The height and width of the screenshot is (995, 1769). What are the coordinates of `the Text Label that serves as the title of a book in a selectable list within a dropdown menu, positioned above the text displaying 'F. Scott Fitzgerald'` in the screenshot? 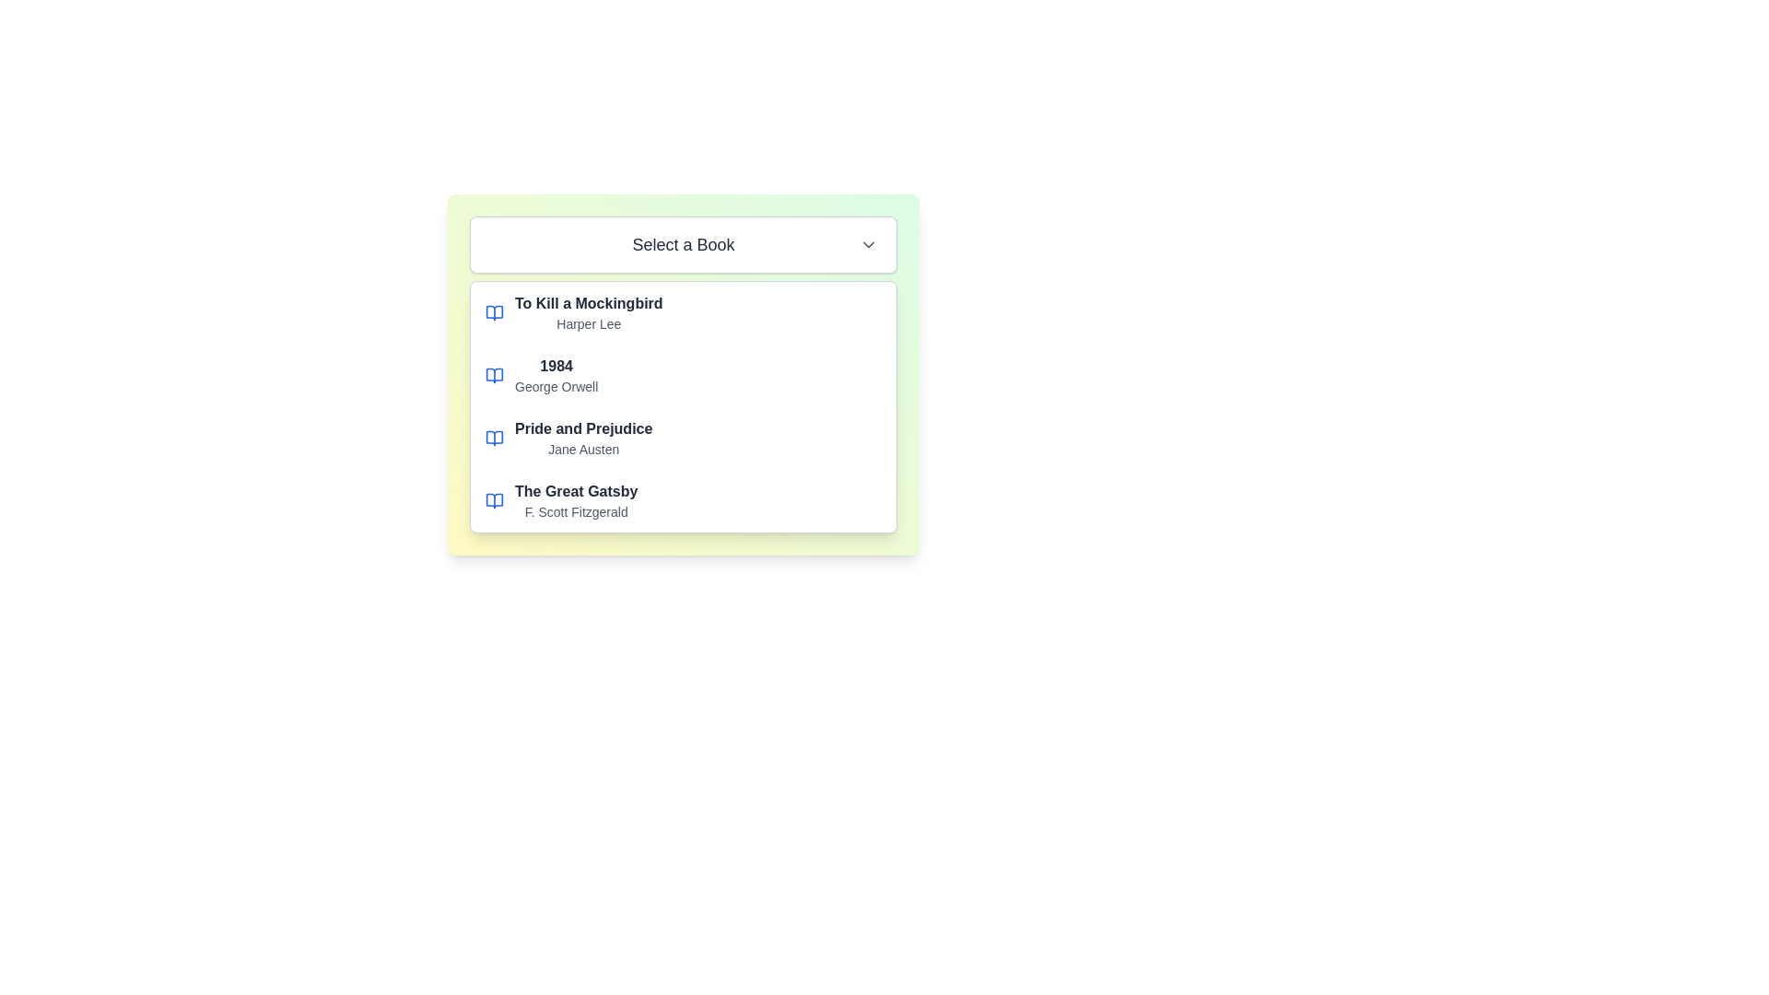 It's located at (575, 490).